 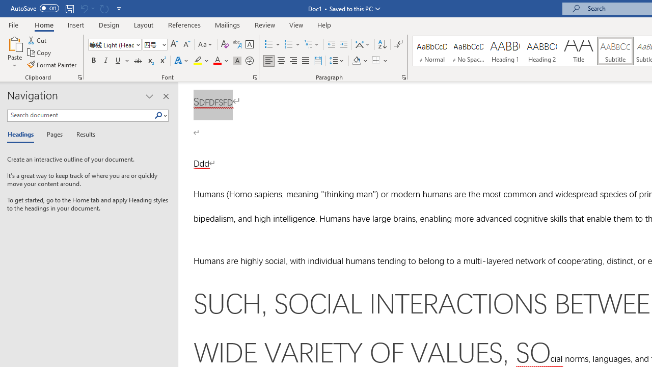 What do you see at coordinates (66, 8) in the screenshot?
I see `'Quick Access Toolbar'` at bounding box center [66, 8].